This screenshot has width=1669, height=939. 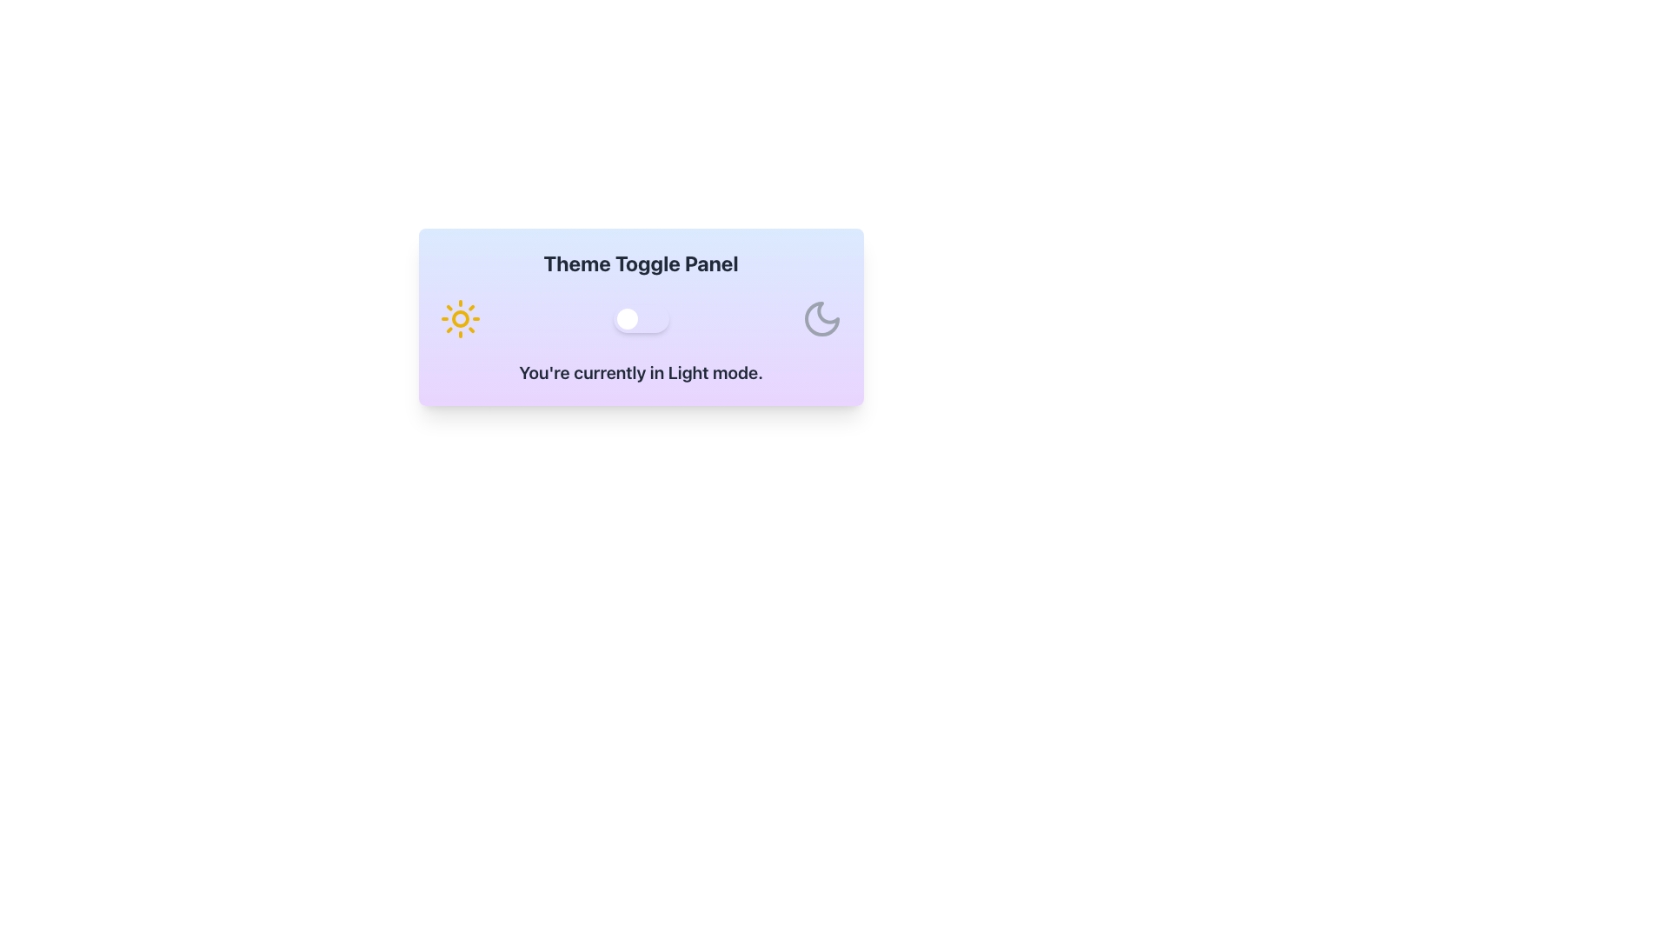 I want to click on the decorative yellow circle located at the center of the sun icon within the toggle panel UI, so click(x=460, y=318).